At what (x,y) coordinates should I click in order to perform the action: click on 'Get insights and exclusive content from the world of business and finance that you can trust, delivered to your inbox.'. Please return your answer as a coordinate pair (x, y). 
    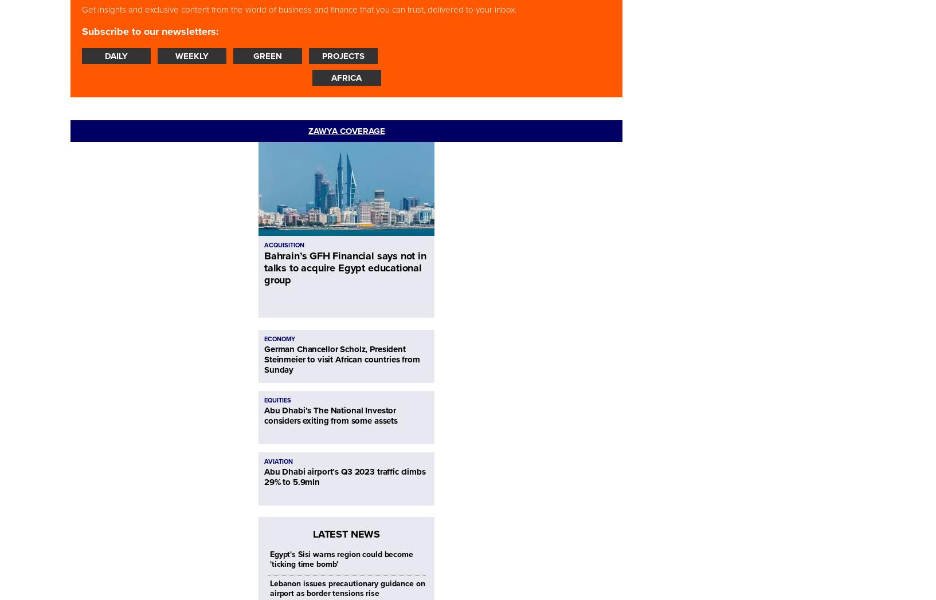
    Looking at the image, I should click on (299, 9).